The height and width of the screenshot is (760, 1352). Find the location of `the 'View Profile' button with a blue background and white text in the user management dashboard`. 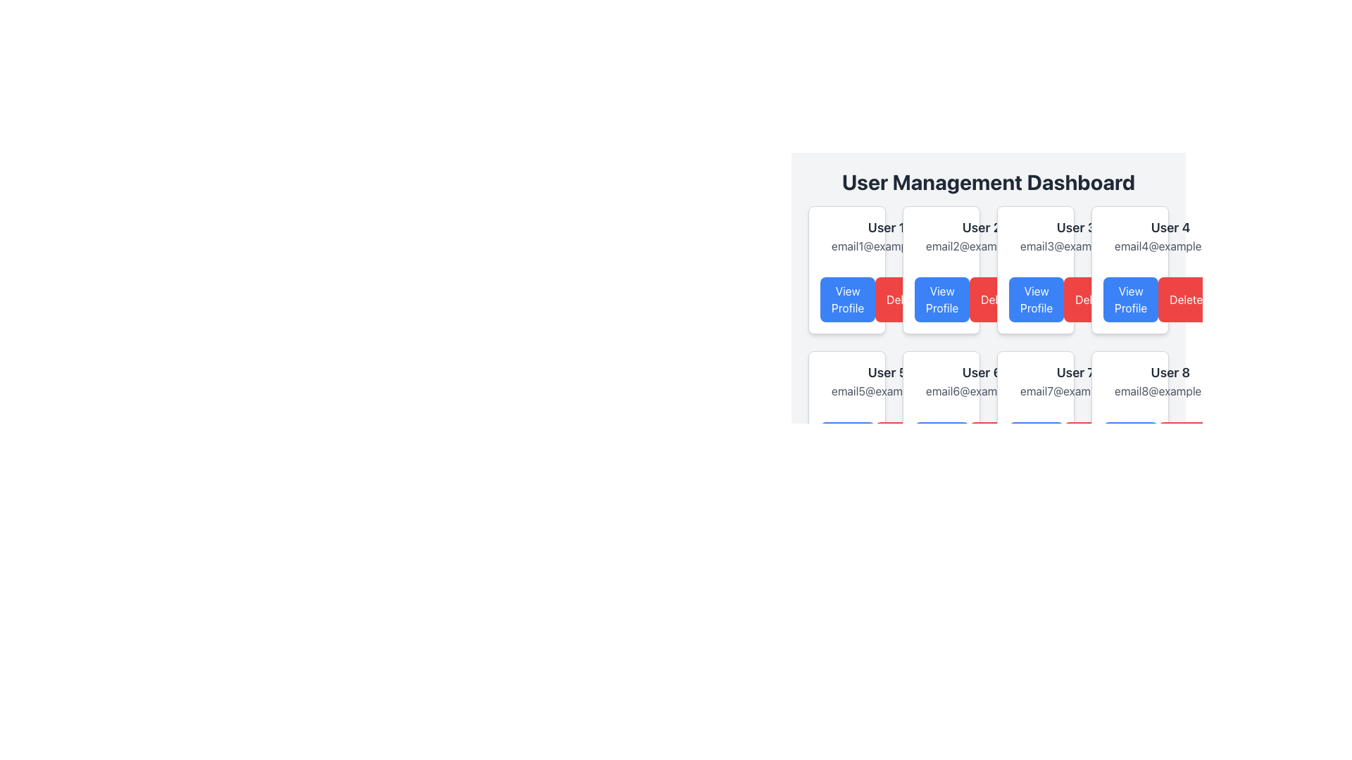

the 'View Profile' button with a blue background and white text in the user management dashboard is located at coordinates (942, 298).